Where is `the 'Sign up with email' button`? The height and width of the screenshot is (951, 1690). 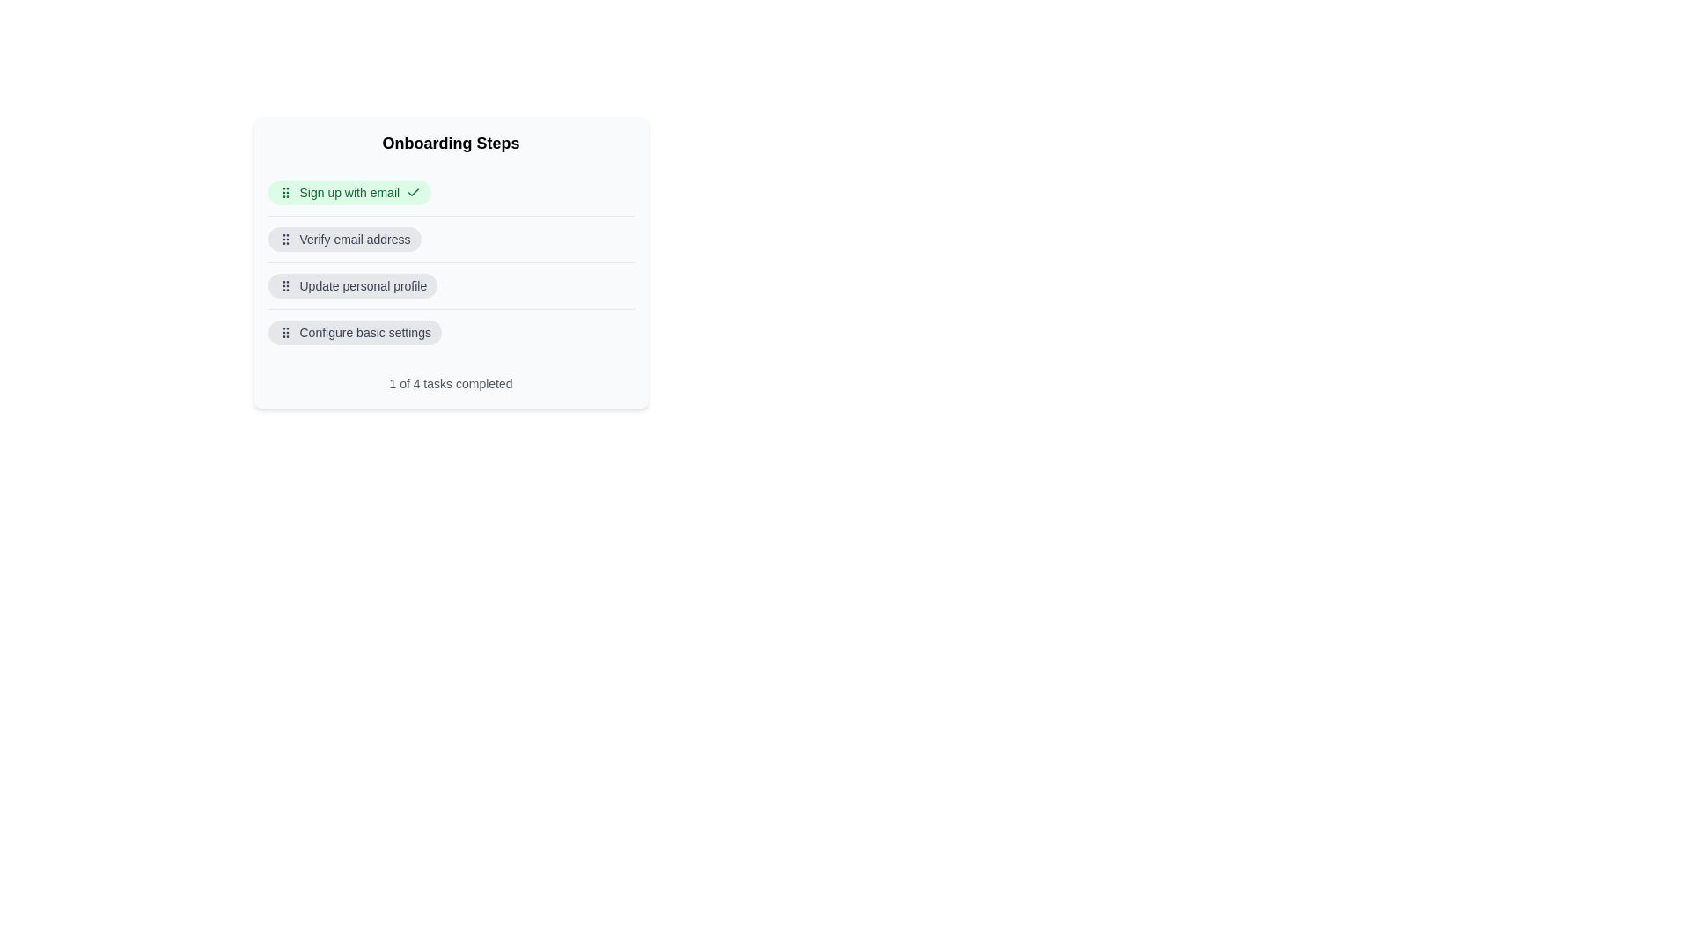
the 'Sign up with email' button is located at coordinates (451, 193).